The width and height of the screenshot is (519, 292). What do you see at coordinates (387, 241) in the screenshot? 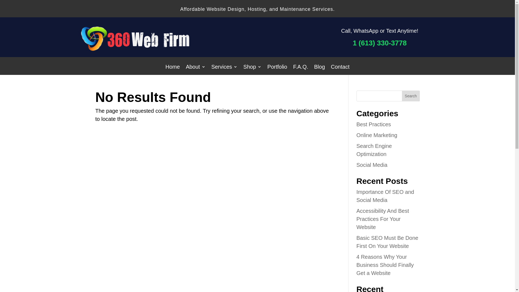
I see `'Basic SEO Must Be Done First On Your Website'` at bounding box center [387, 241].